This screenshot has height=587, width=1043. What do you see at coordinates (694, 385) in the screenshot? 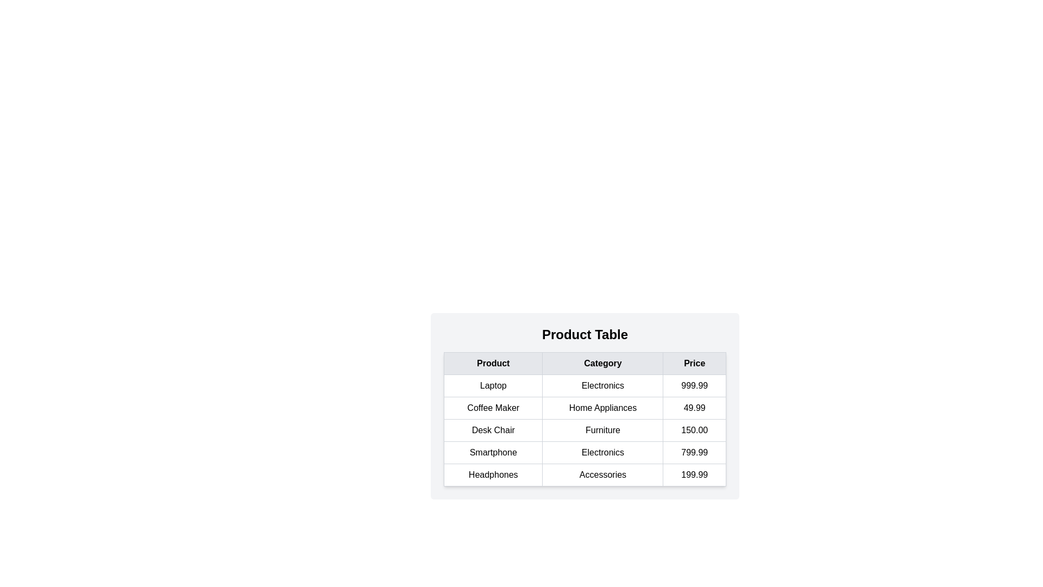
I see `the static text displaying the price of the product 'Laptop' in the 'Electronics' category` at bounding box center [694, 385].